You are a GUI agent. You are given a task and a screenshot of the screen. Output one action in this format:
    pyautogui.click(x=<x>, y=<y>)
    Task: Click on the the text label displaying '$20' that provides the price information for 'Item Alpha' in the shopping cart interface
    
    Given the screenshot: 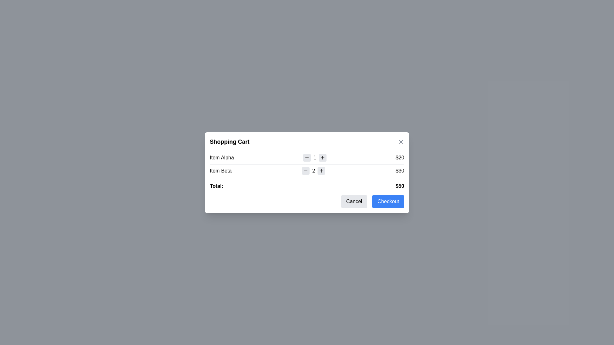 What is the action you would take?
    pyautogui.click(x=399, y=157)
    